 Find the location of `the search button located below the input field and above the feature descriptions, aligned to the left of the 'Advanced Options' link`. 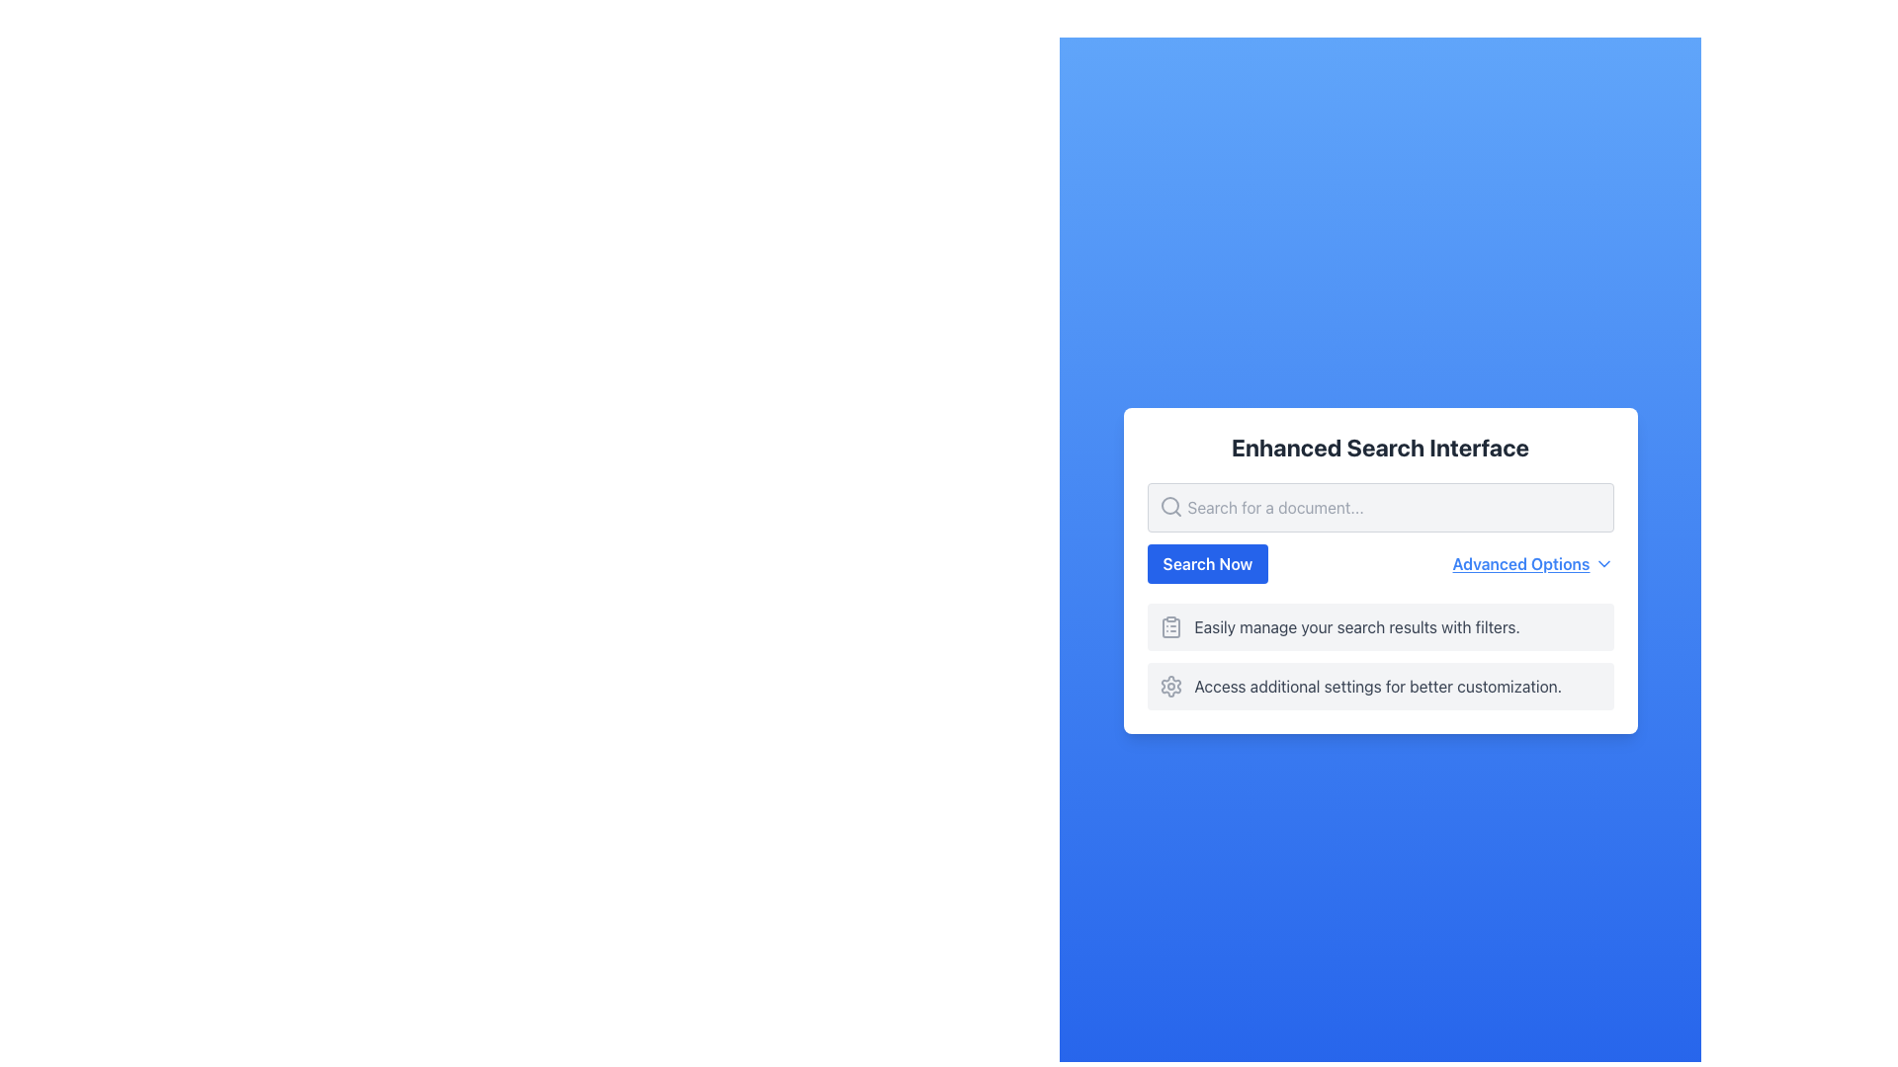

the search button located below the input field and above the feature descriptions, aligned to the left of the 'Advanced Options' link is located at coordinates (1206, 563).